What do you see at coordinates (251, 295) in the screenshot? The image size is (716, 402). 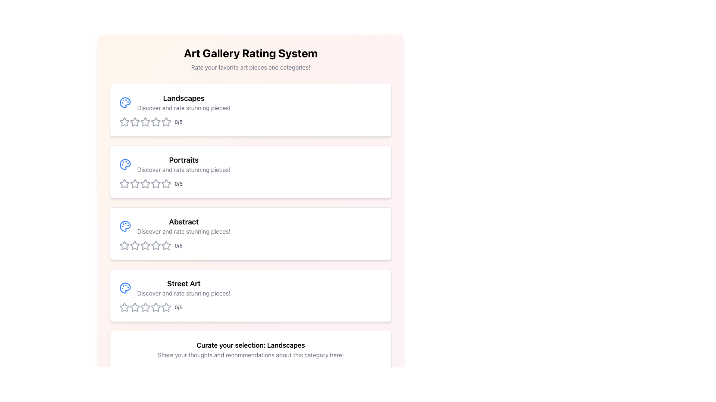 I see `the 'Street Art' card, which is the fourth card in a vertical list of similar cards` at bounding box center [251, 295].